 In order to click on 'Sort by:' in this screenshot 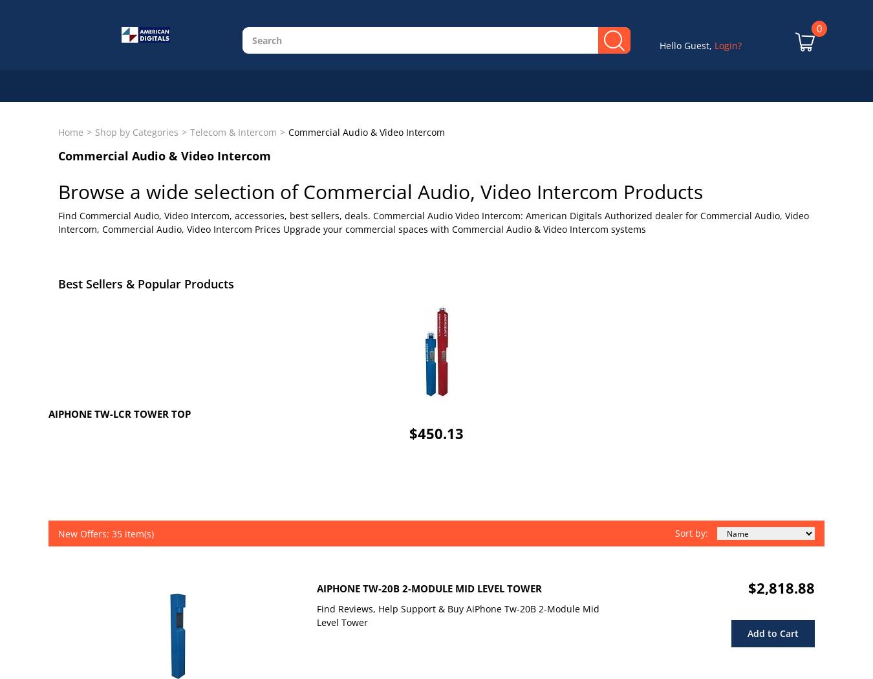, I will do `click(674, 532)`.